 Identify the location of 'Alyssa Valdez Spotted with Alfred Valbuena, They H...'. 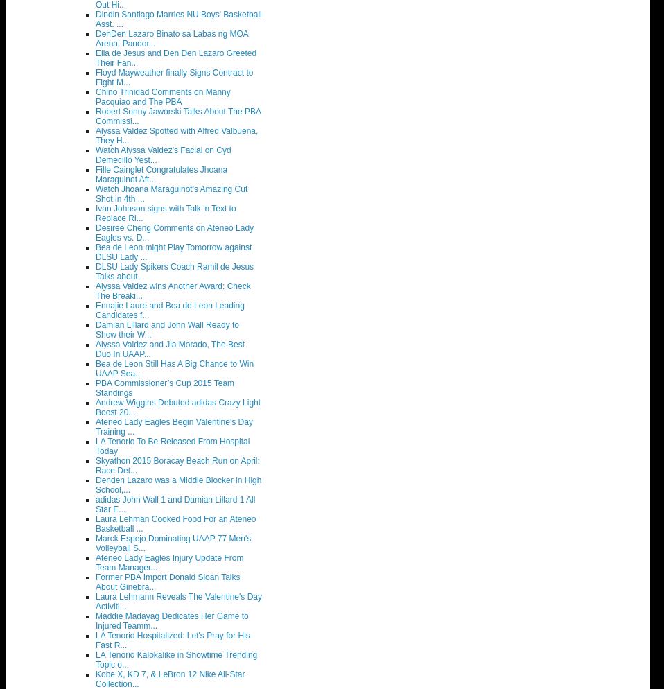
(177, 135).